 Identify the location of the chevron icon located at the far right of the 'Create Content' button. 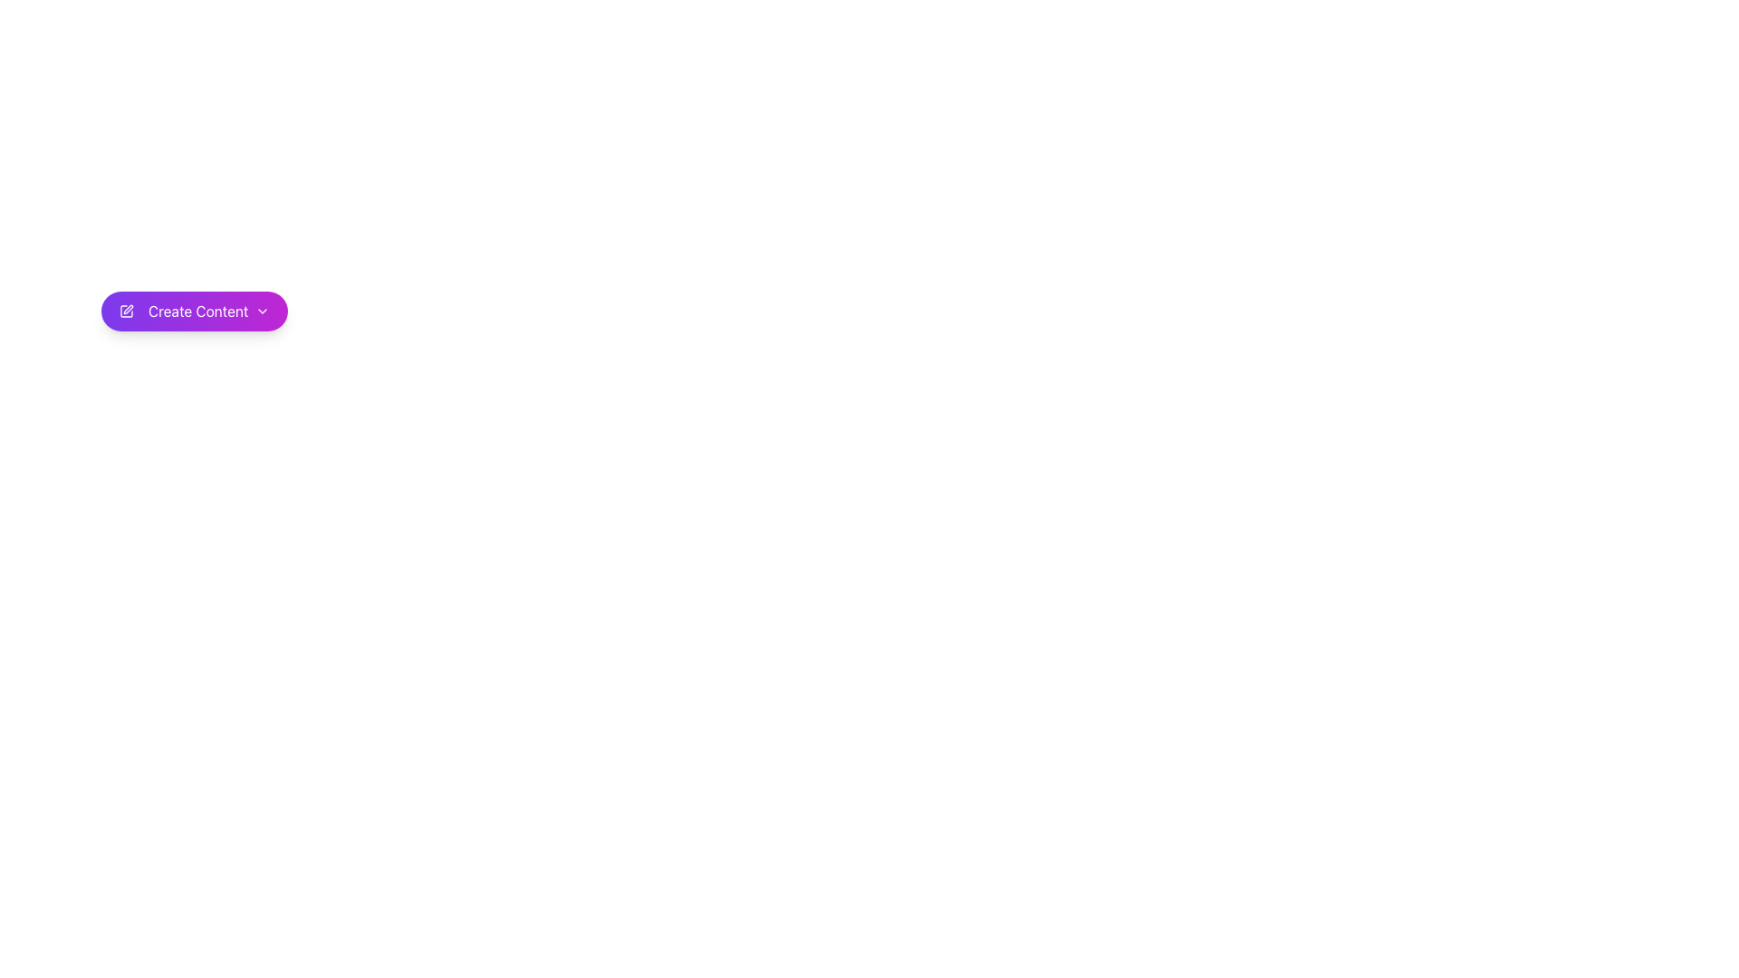
(262, 310).